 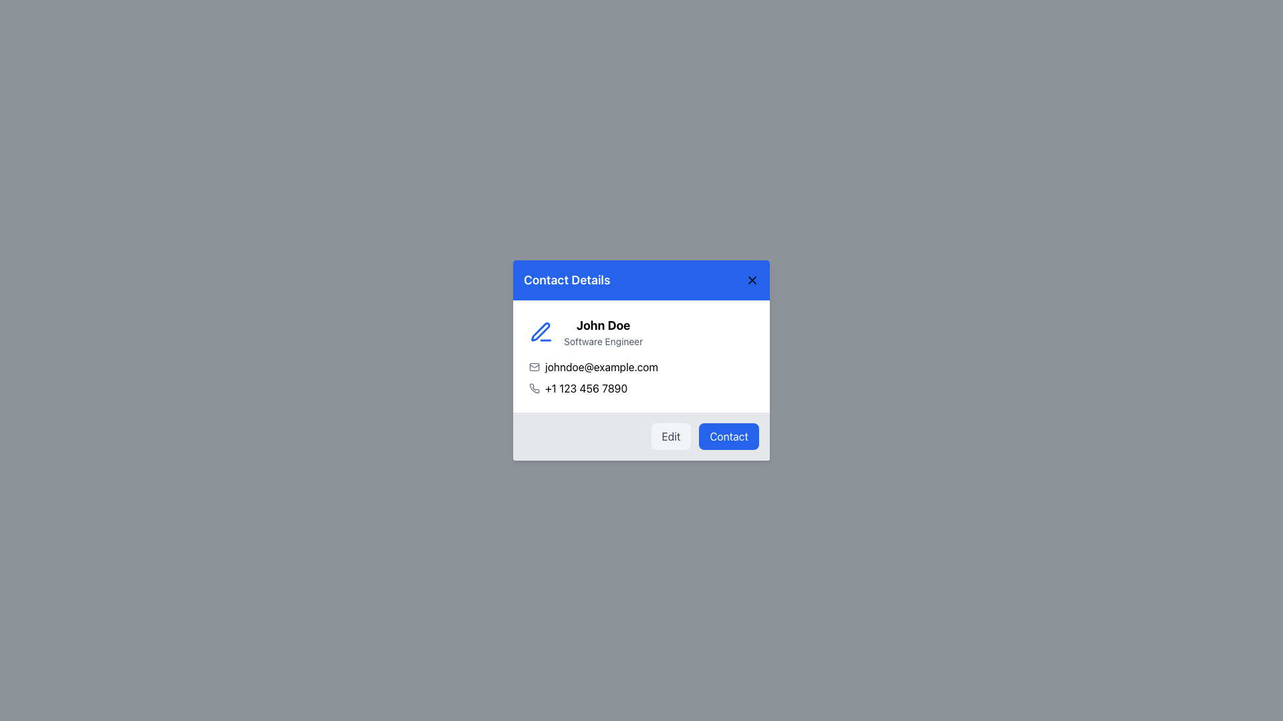 I want to click on the text display showing the email address associated with the contact, so click(x=641, y=367).